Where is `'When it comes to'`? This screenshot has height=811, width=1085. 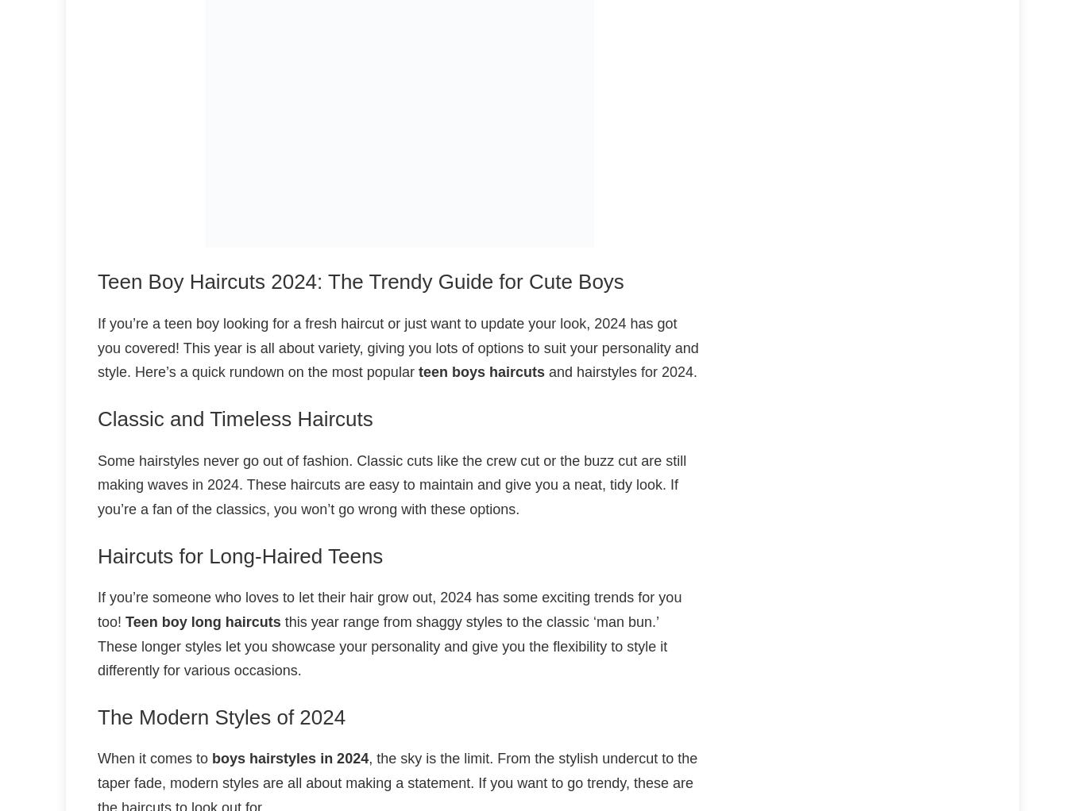 'When it comes to' is located at coordinates (154, 757).